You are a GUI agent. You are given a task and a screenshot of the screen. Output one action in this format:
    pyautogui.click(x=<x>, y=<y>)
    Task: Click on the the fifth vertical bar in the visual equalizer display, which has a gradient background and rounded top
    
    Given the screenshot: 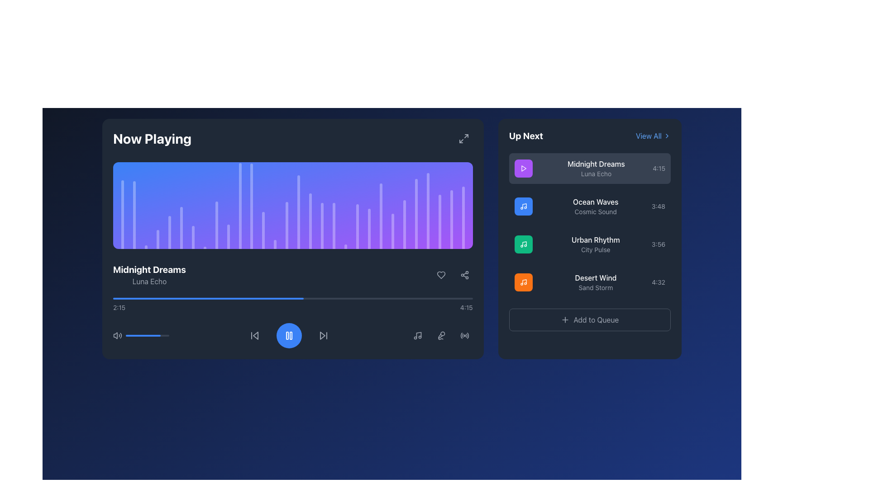 What is the action you would take?
    pyautogui.click(x=169, y=232)
    